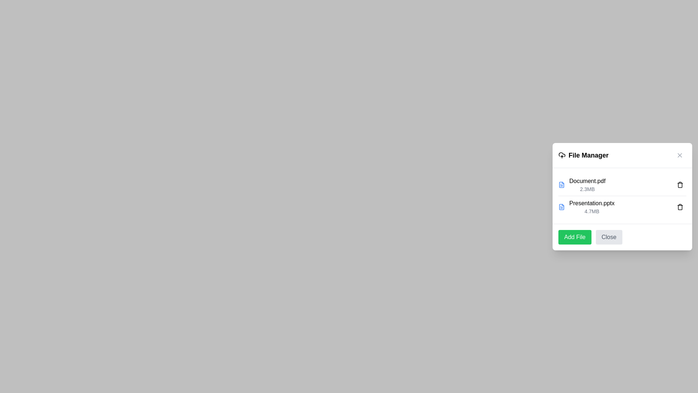 The width and height of the screenshot is (698, 393). What do you see at coordinates (587, 180) in the screenshot?
I see `the file name label` at bounding box center [587, 180].